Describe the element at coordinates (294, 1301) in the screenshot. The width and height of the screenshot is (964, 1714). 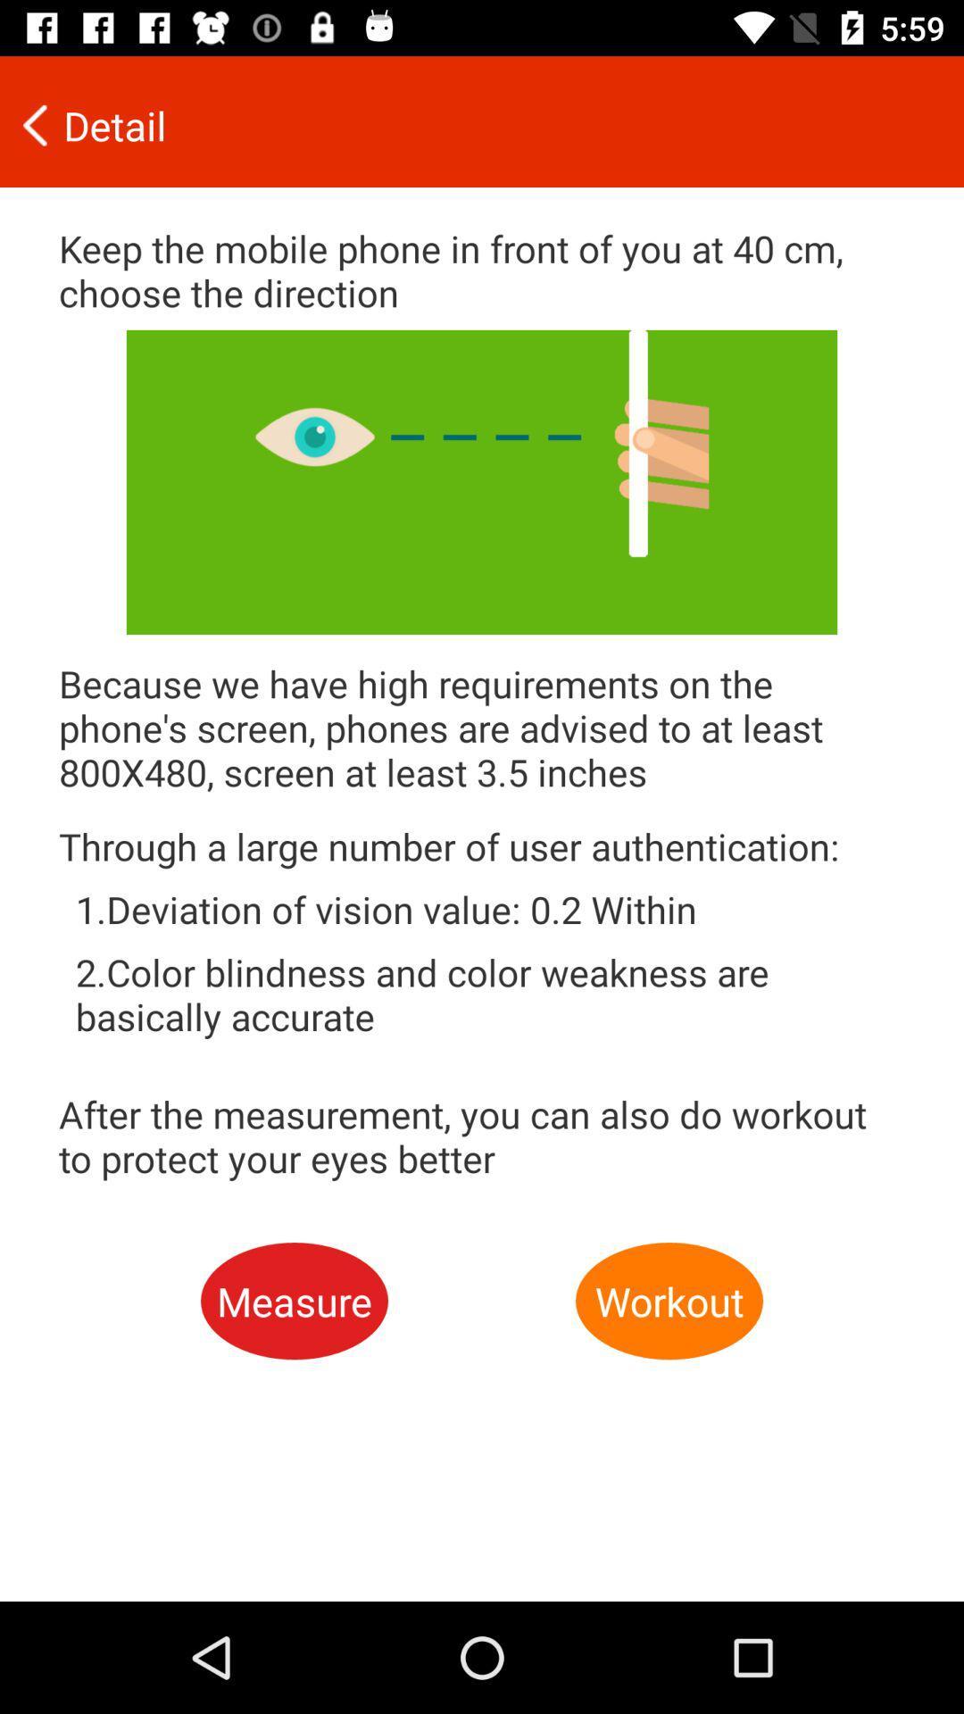
I see `the icon to the left of workout icon` at that location.